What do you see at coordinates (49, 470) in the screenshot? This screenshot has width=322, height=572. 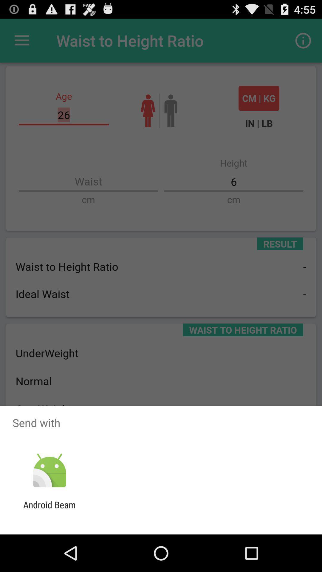 I see `item above android beam icon` at bounding box center [49, 470].